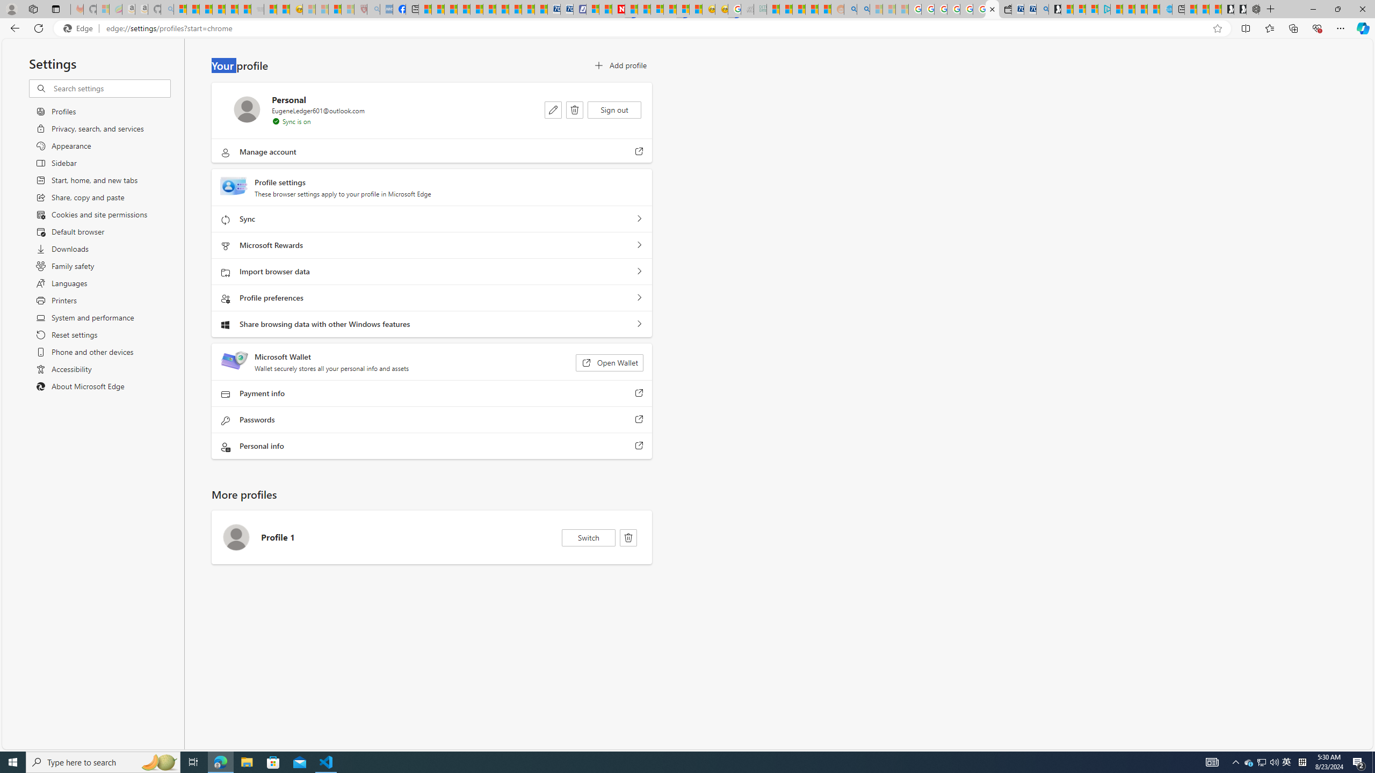 The width and height of the screenshot is (1375, 773). I want to click on 'Open Wallet', so click(609, 362).